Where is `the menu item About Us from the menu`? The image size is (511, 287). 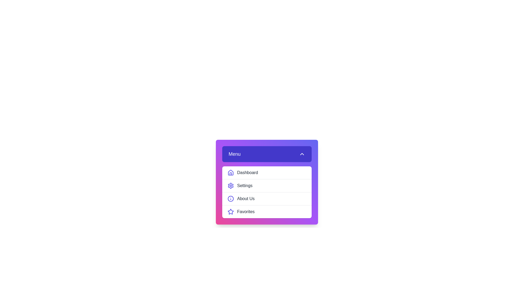 the menu item About Us from the menu is located at coordinates (267, 199).